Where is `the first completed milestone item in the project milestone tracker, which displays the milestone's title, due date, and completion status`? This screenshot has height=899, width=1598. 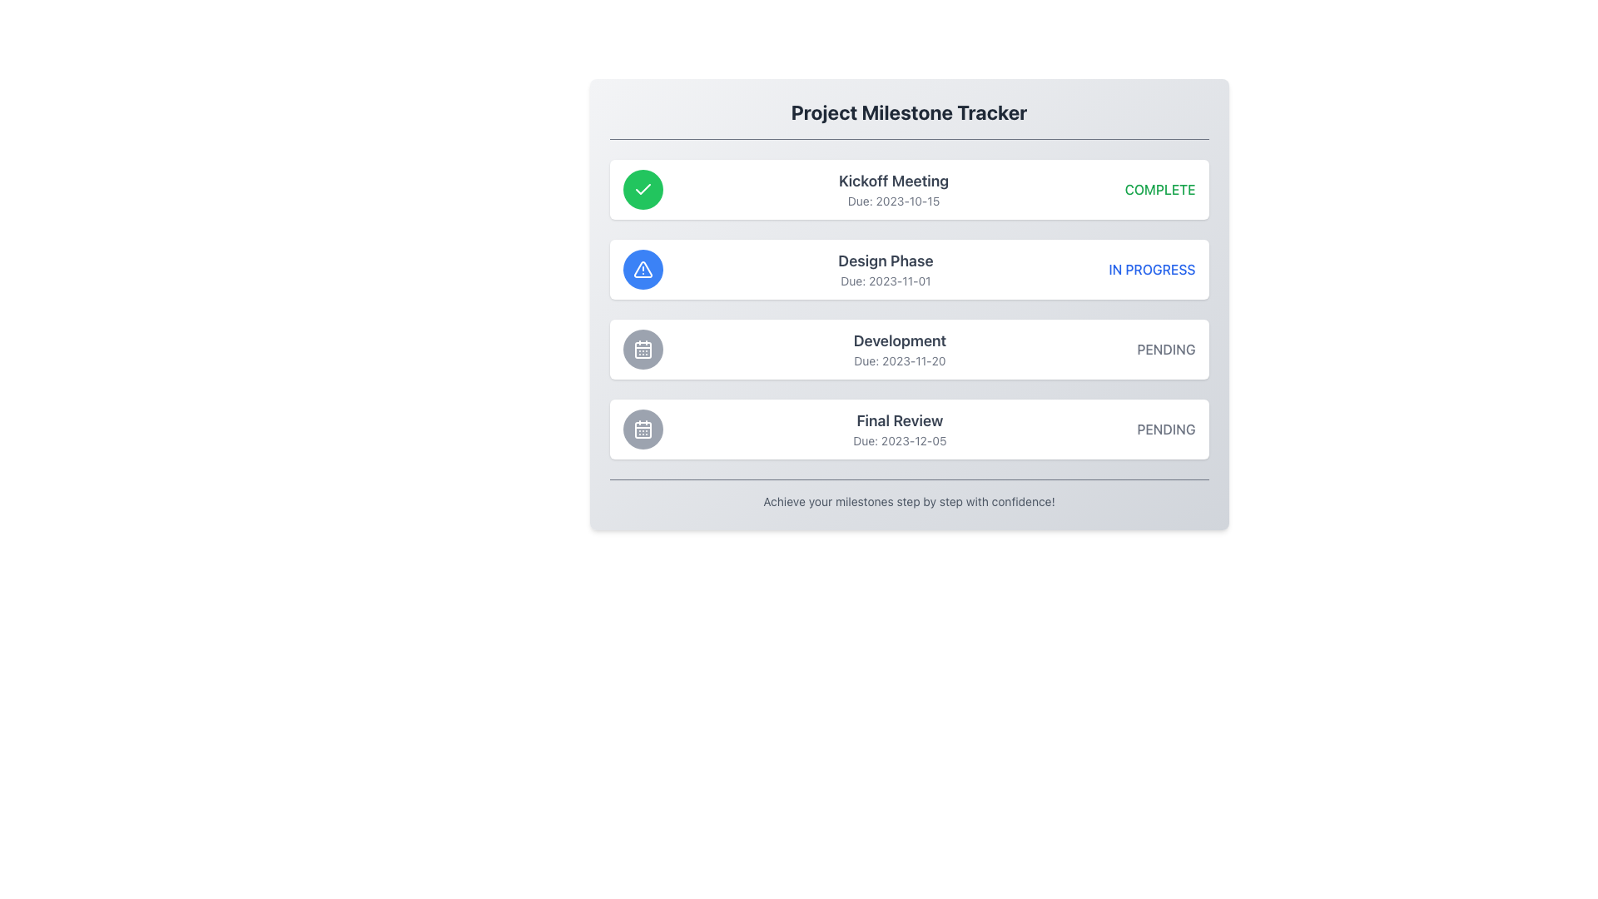 the first completed milestone item in the project milestone tracker, which displays the milestone's title, due date, and completion status is located at coordinates (908, 188).